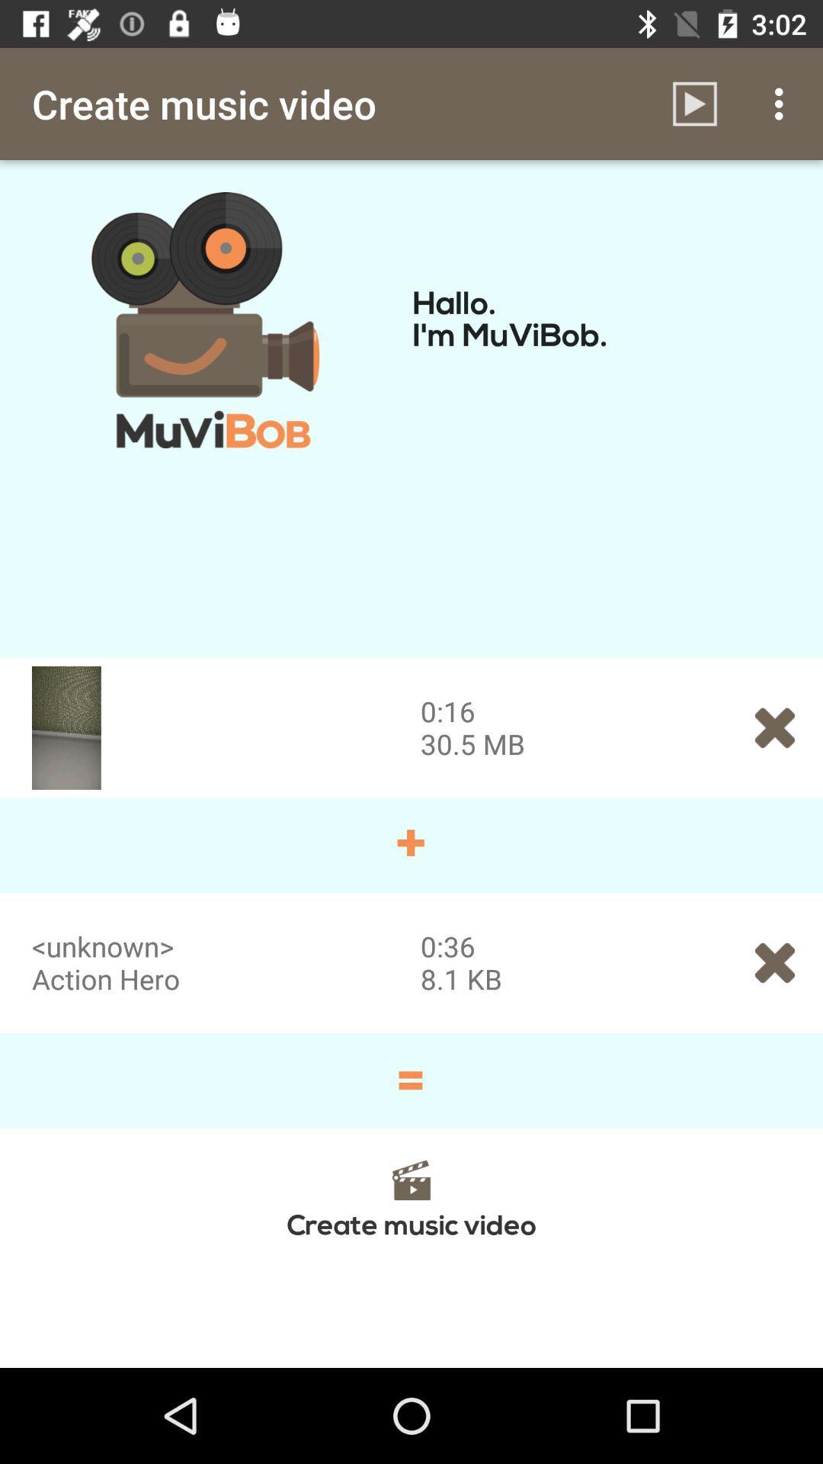 The width and height of the screenshot is (823, 1464). I want to click on the close icon, so click(775, 962).